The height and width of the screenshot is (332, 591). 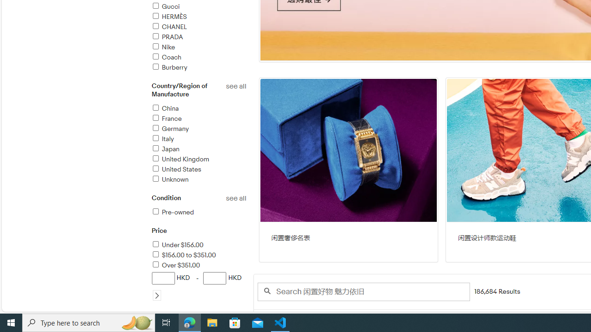 What do you see at coordinates (169, 26) in the screenshot?
I see `'CHANEL'` at bounding box center [169, 26].